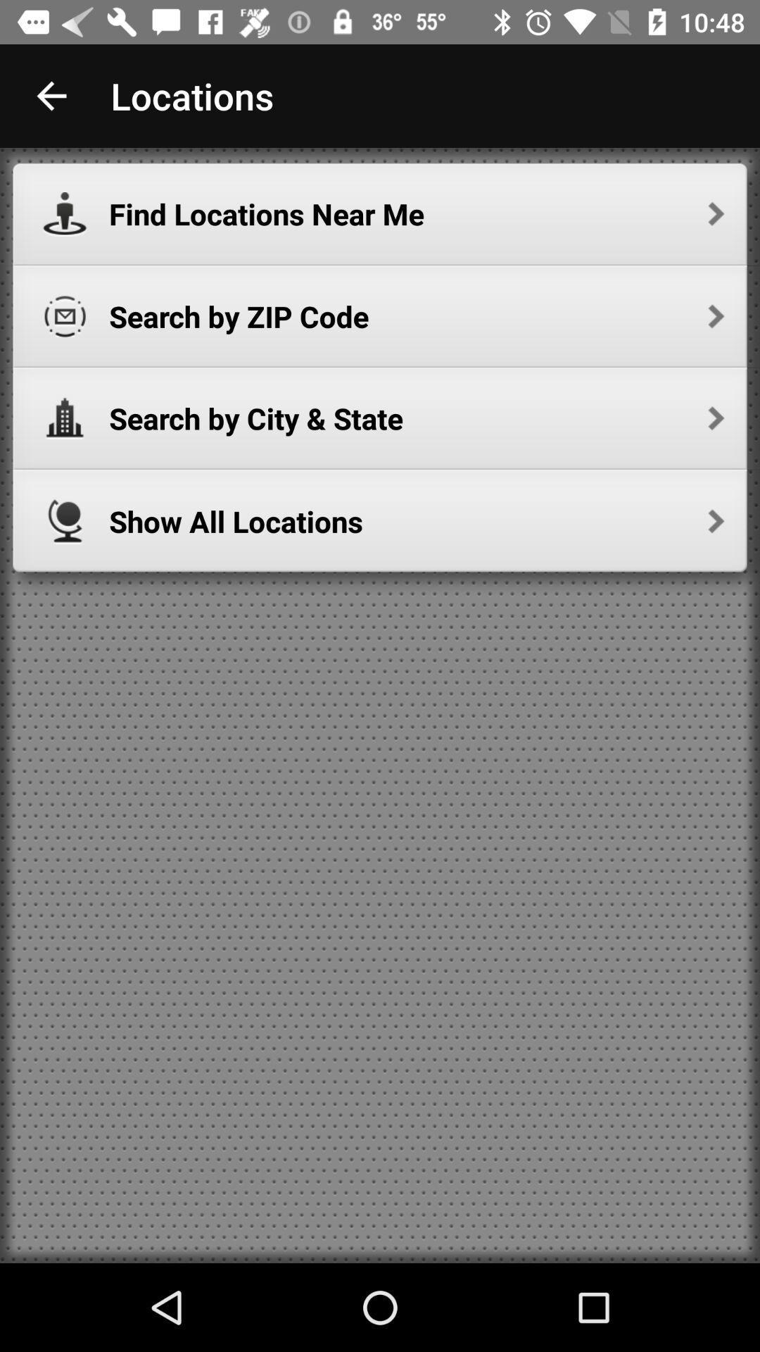 The width and height of the screenshot is (760, 1352). What do you see at coordinates (416, 213) in the screenshot?
I see `the find locations near` at bounding box center [416, 213].